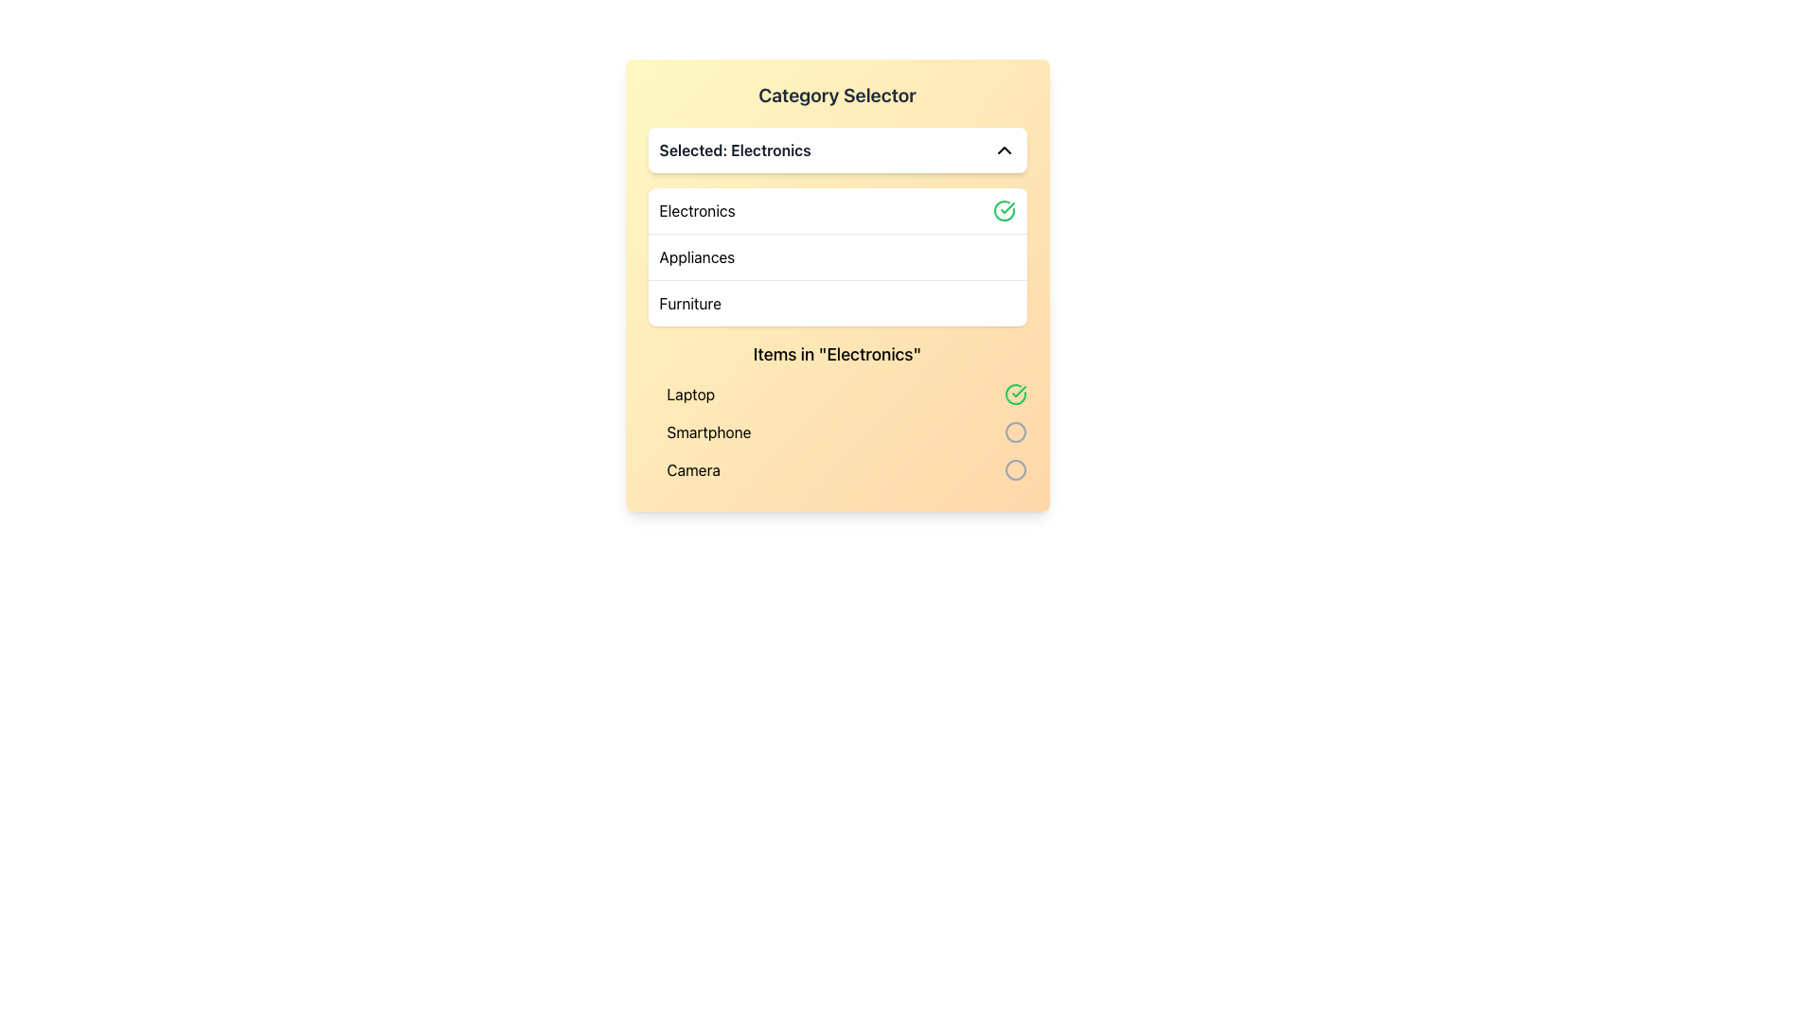 Image resolution: width=1818 pixels, height=1022 pixels. Describe the element at coordinates (707, 432) in the screenshot. I see `the text label displaying 'Smartphone', which is the second item in the electronics list, located below 'Laptop' and above 'Camera'` at that location.